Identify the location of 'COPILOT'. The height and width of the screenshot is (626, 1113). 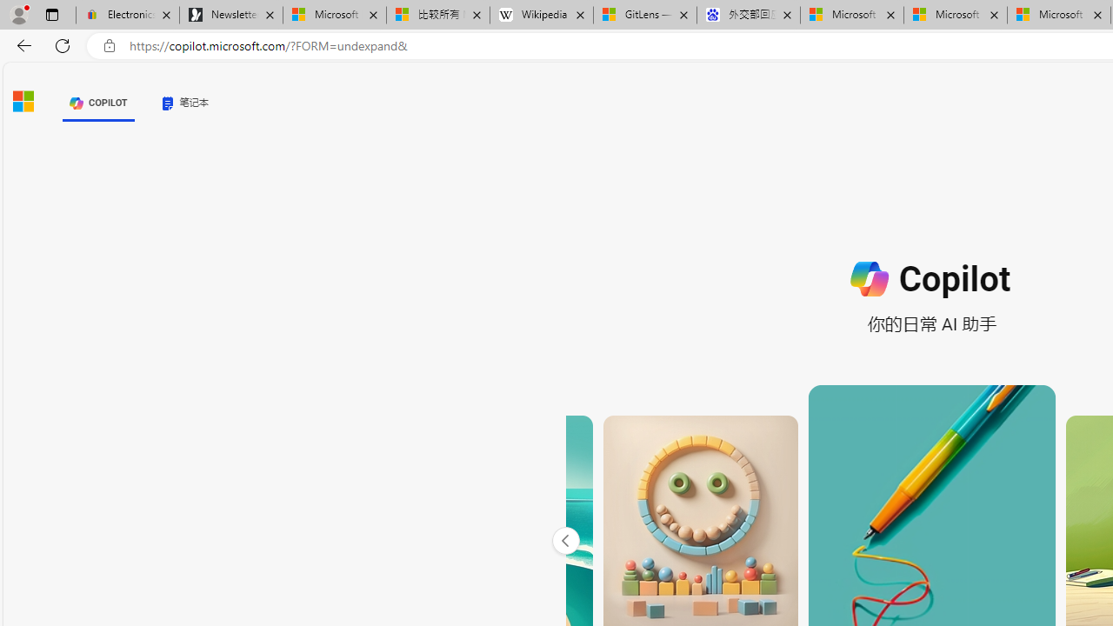
(97, 103).